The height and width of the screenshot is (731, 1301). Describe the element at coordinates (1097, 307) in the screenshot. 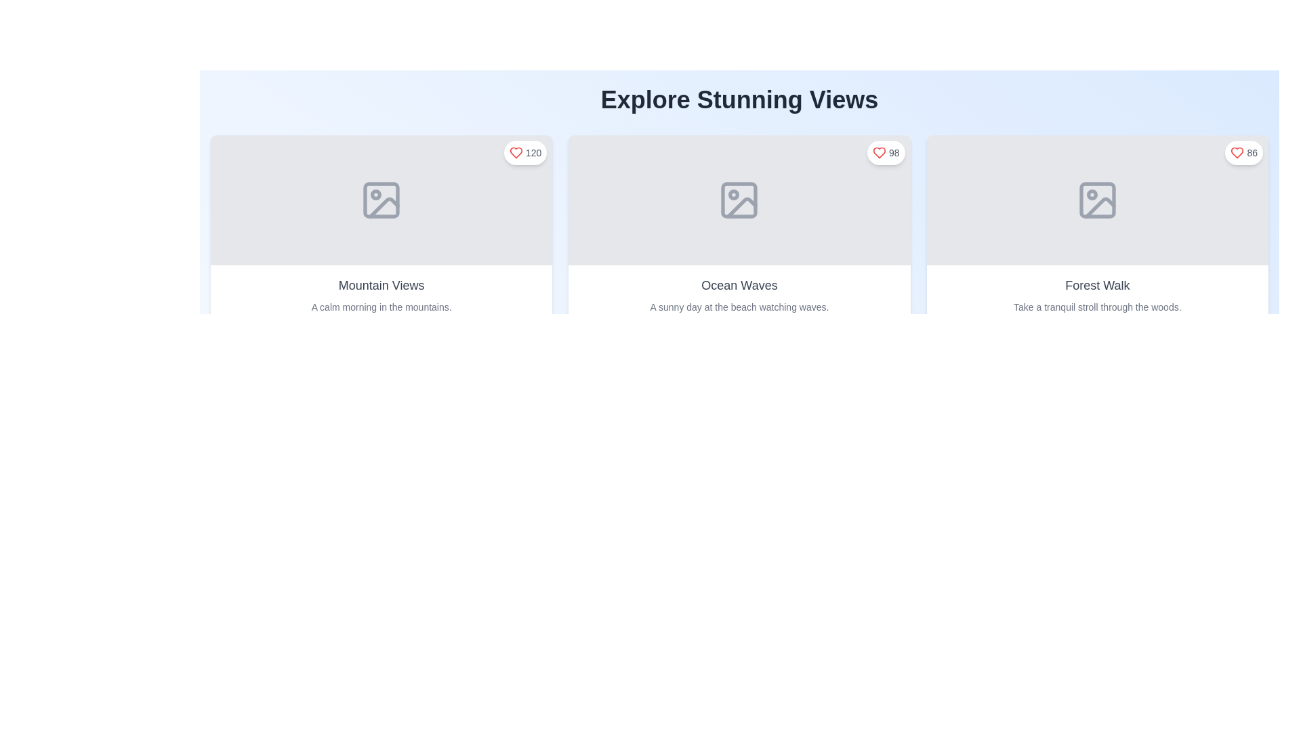

I see `the Text Display element that contains the description 'Take a tranquil stroll through the woods.' located under the heading 'Forest Walk' in the rightmost card layout` at that location.